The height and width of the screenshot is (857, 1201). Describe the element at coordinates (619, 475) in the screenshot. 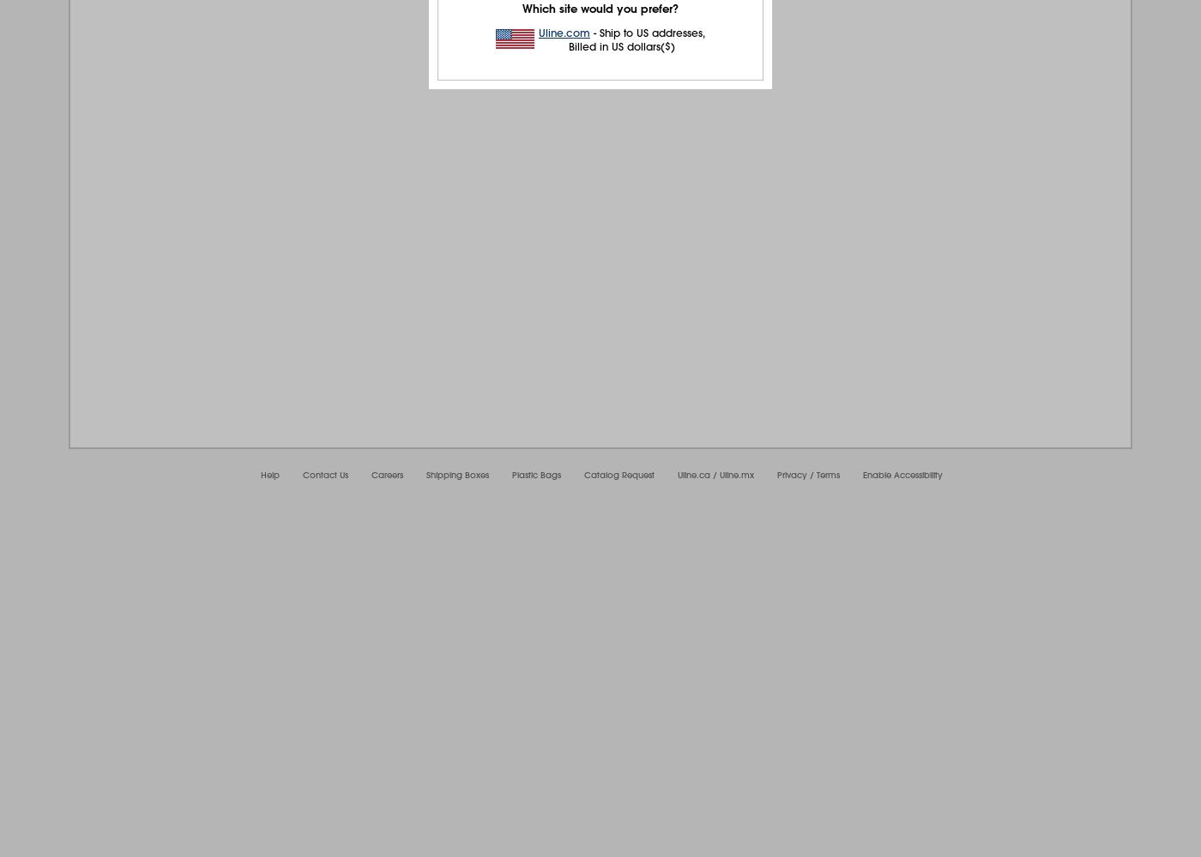

I see `'Catalog Request'` at that location.